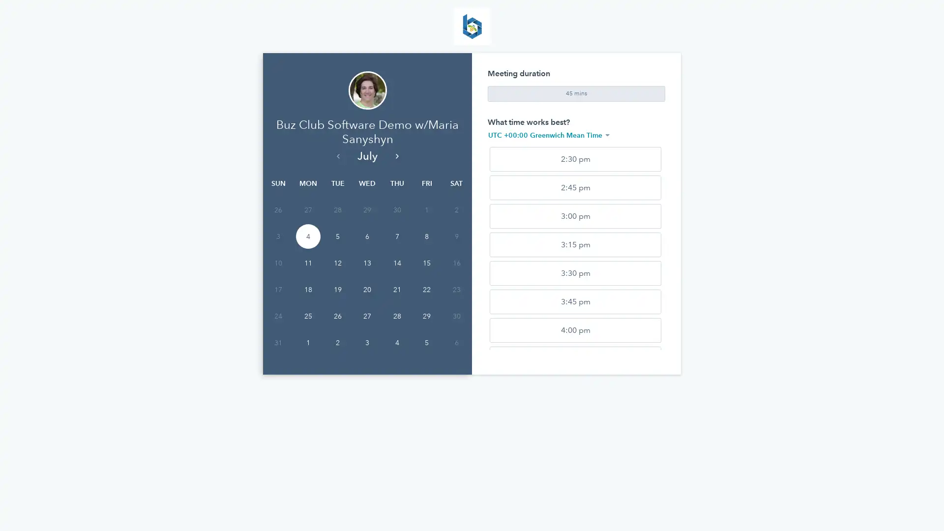  I want to click on June 27th, so click(307, 209).